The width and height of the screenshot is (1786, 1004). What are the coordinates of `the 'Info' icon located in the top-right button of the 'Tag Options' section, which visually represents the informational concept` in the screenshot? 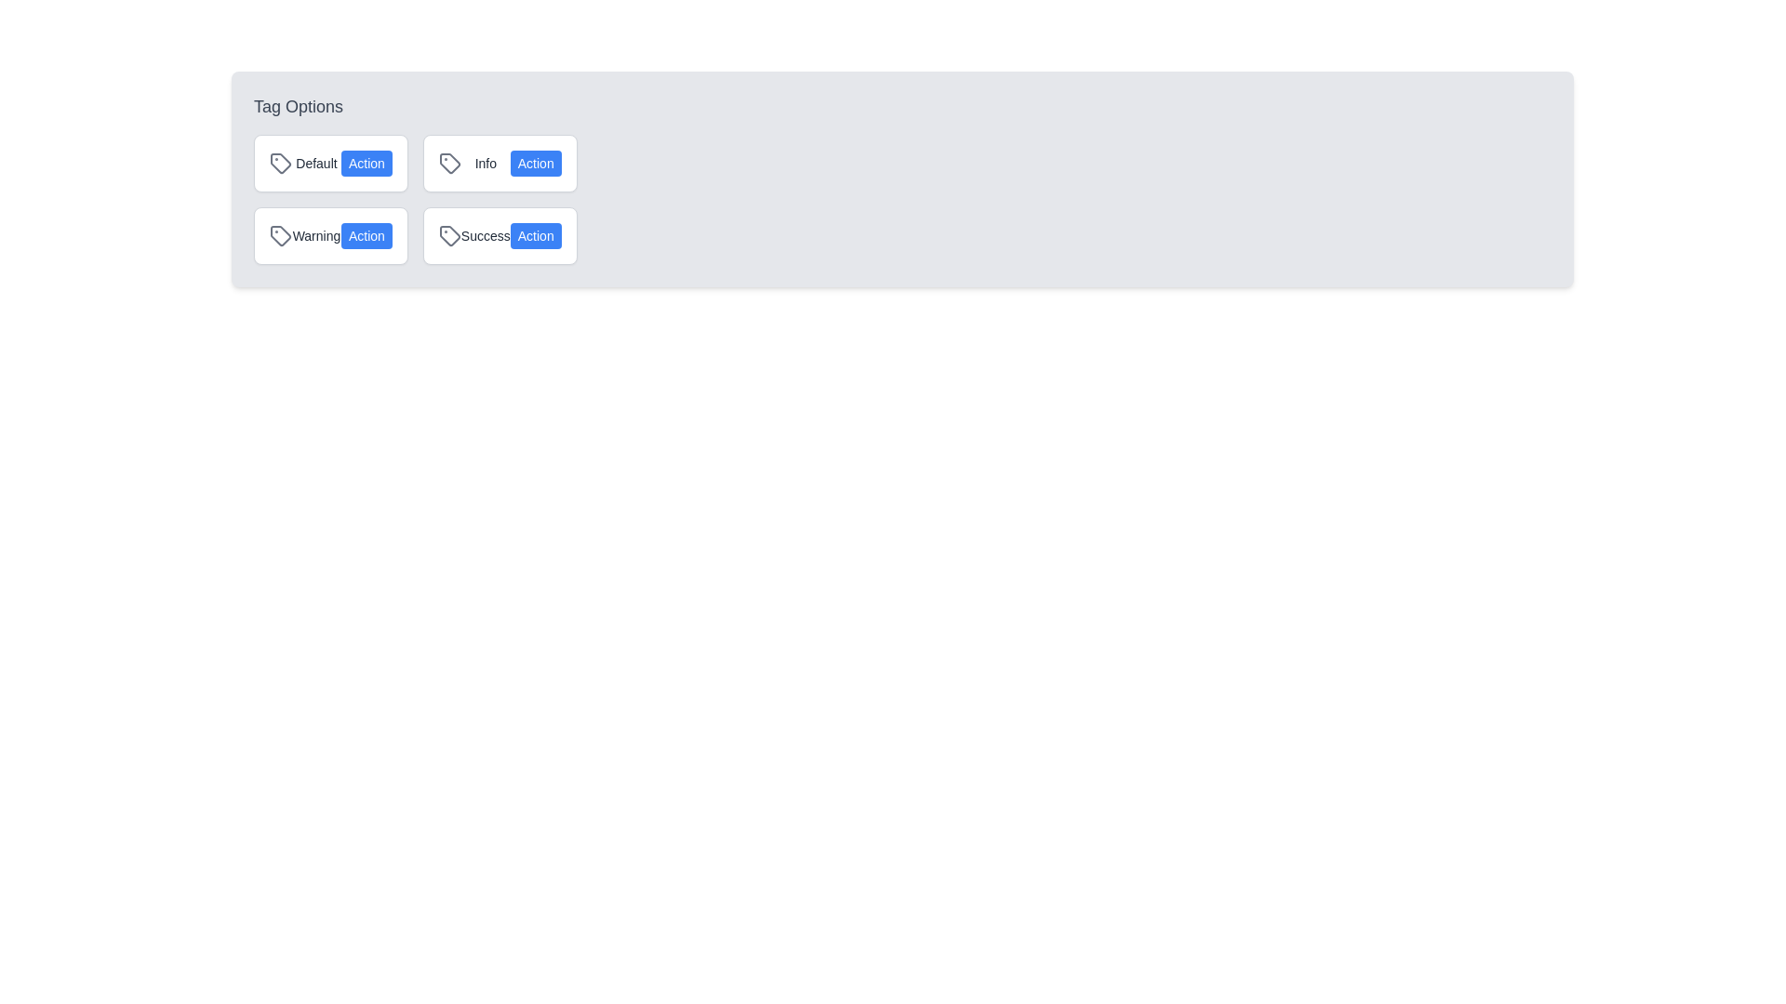 It's located at (449, 163).